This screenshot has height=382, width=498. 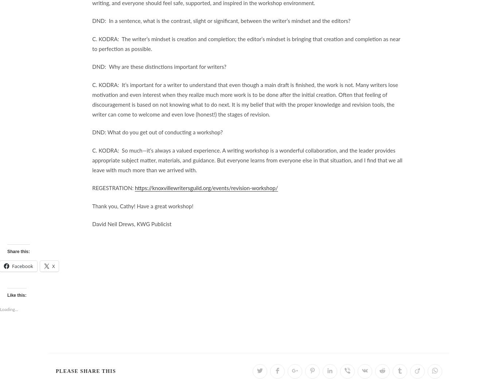 I want to click on 'C. KODRA:  The writer’s mindset is creation and completion; the editor’s mindset is bringing that creation and completion as near to perfection as possible.', so click(x=245, y=43).